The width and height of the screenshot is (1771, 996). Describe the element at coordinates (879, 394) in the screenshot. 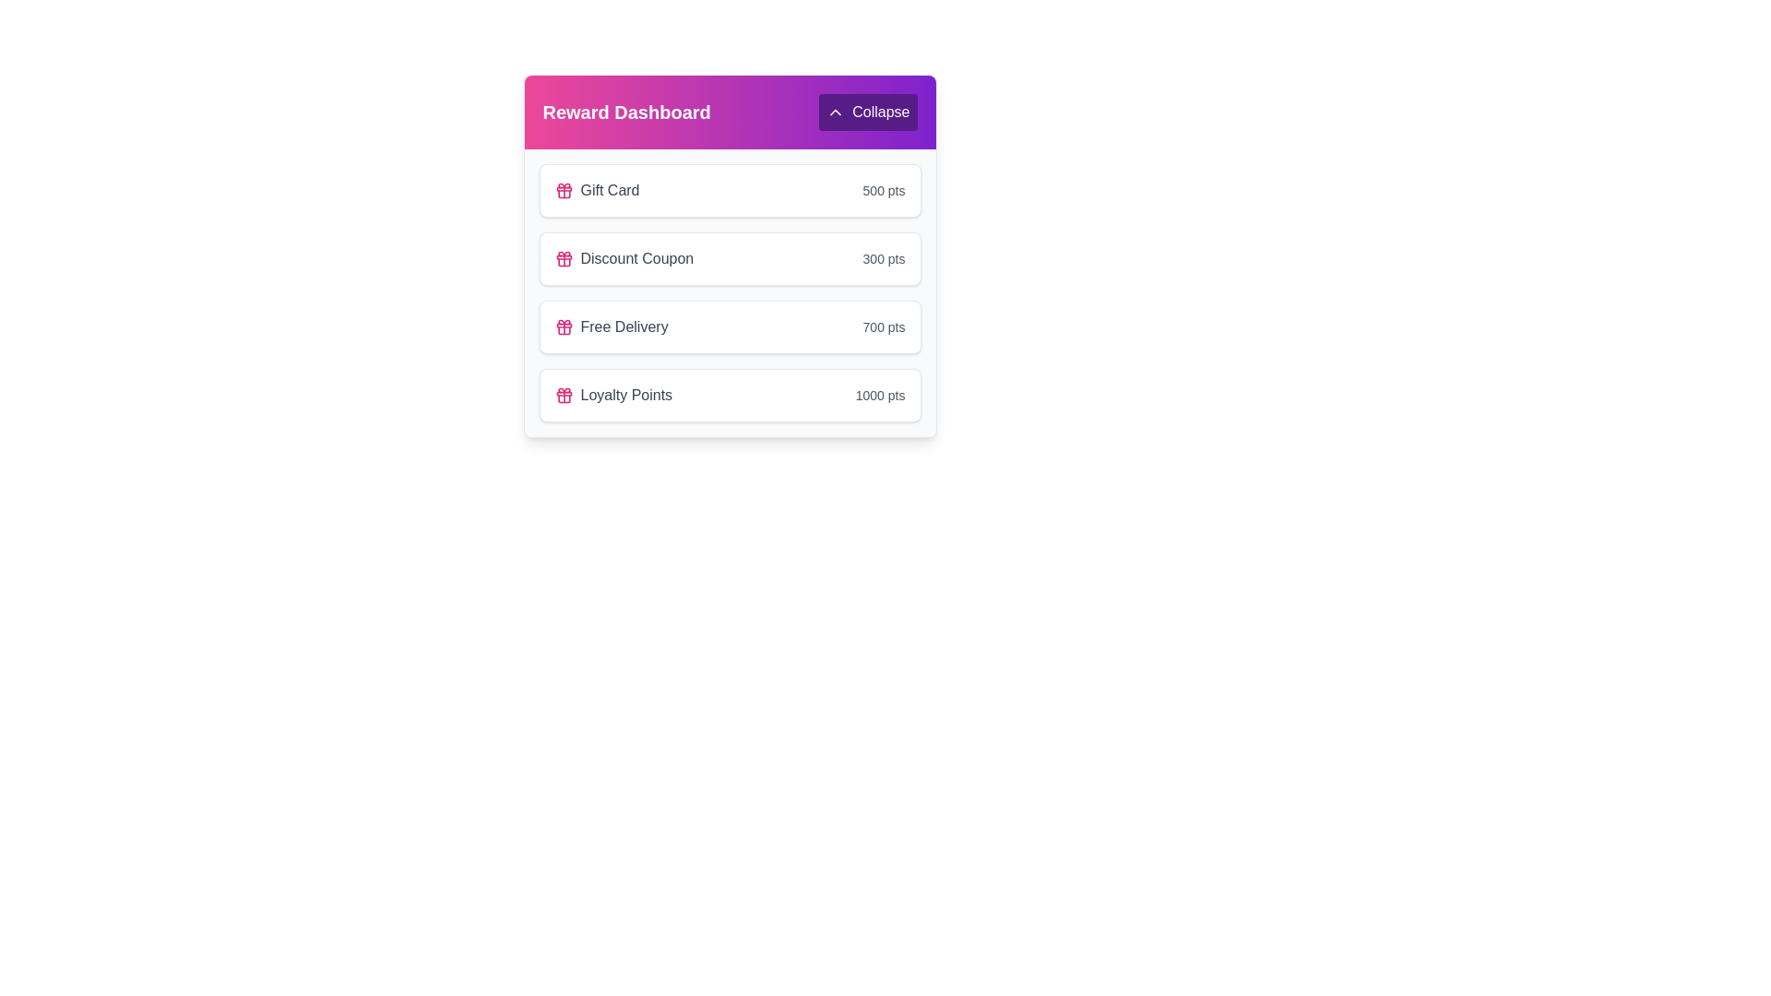

I see `the text label displaying '1000 pts' in a small, gray font, located in the card under 'Loyalty Points'` at that location.